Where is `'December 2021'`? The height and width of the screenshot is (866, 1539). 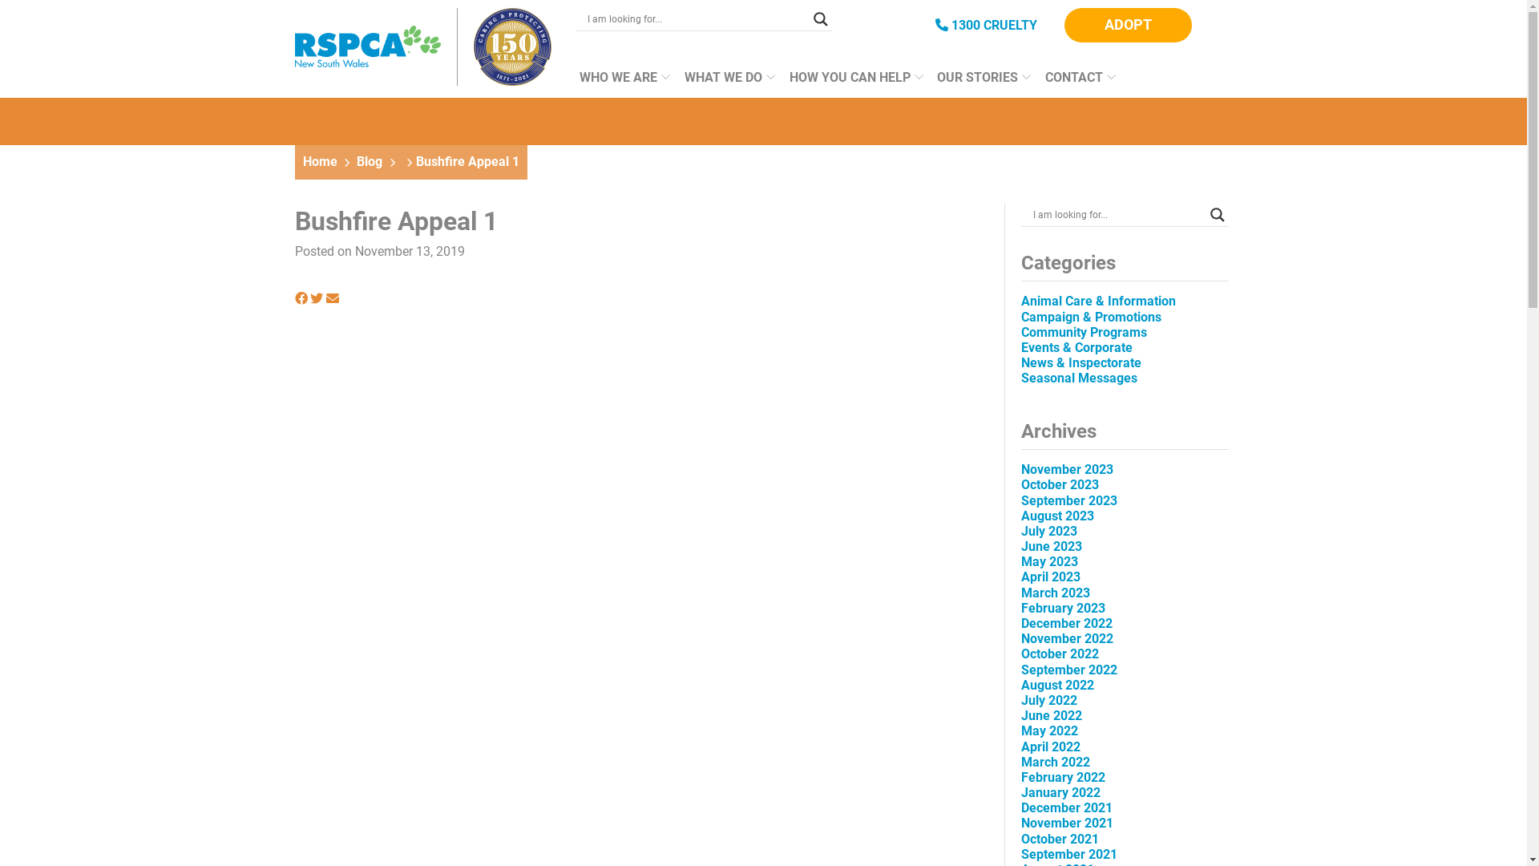 'December 2021' is located at coordinates (1020, 807).